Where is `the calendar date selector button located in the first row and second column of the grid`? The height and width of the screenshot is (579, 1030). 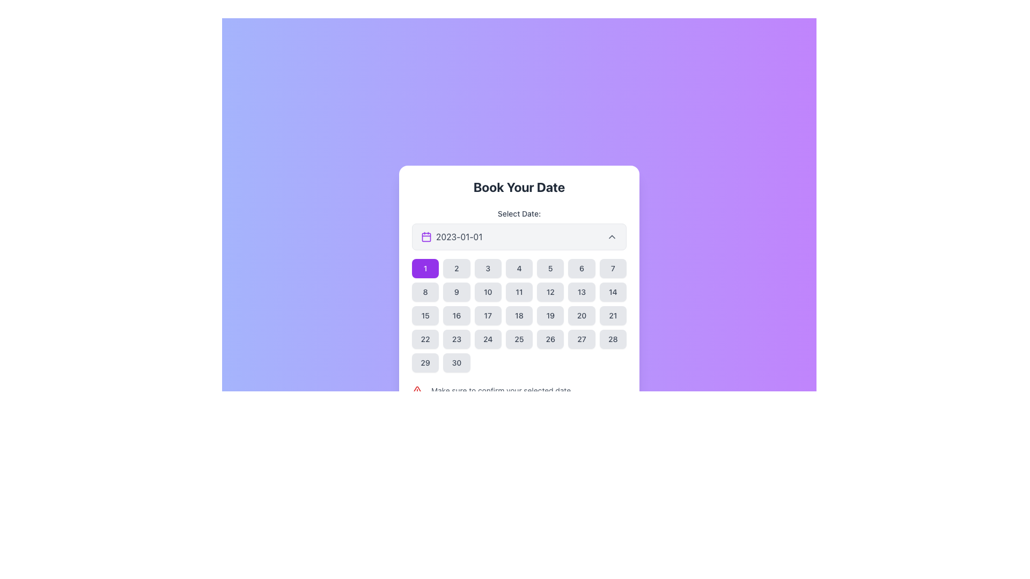 the calendar date selector button located in the first row and second column of the grid is located at coordinates (457, 268).